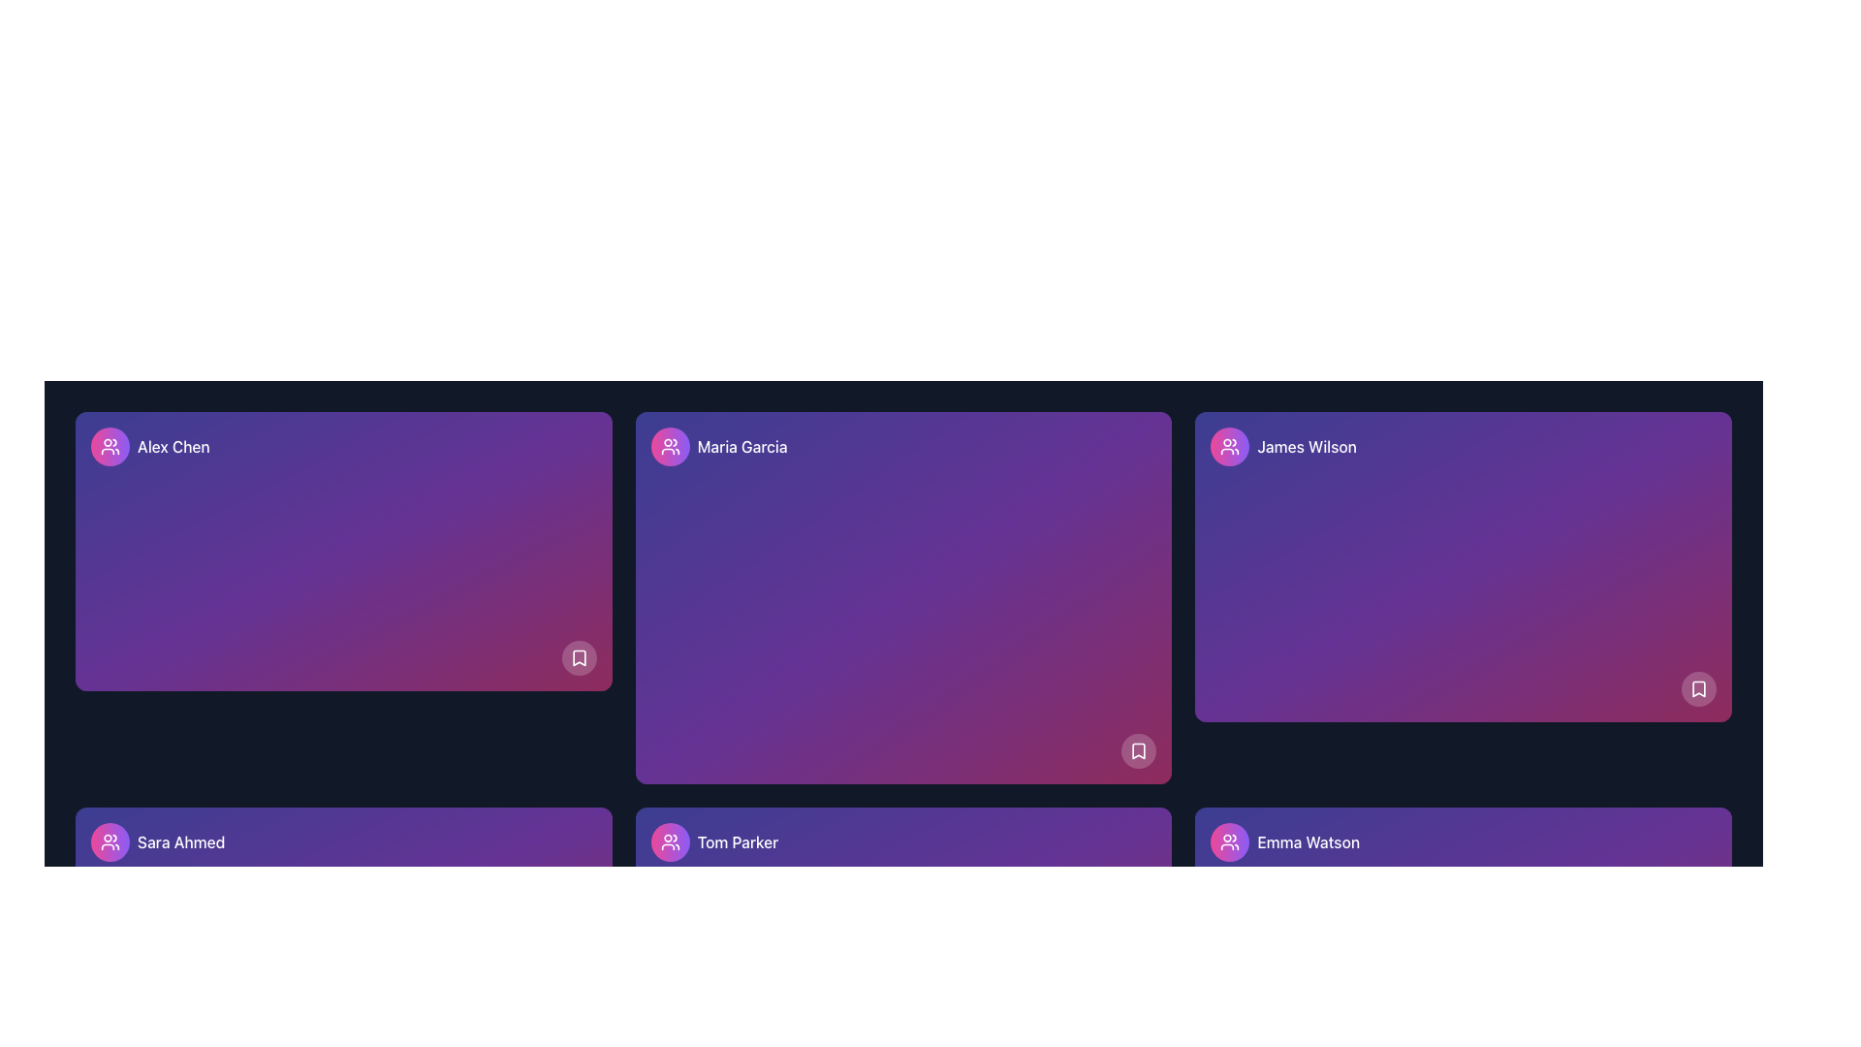 The image size is (1861, 1047). What do you see at coordinates (1307, 447) in the screenshot?
I see `the name display label located at the top-center of the card interface in the top-right corner` at bounding box center [1307, 447].